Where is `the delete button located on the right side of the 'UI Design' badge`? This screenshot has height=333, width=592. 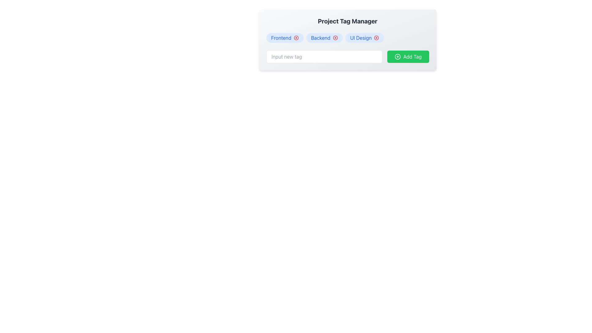 the delete button located on the right side of the 'UI Design' badge is located at coordinates (376, 38).